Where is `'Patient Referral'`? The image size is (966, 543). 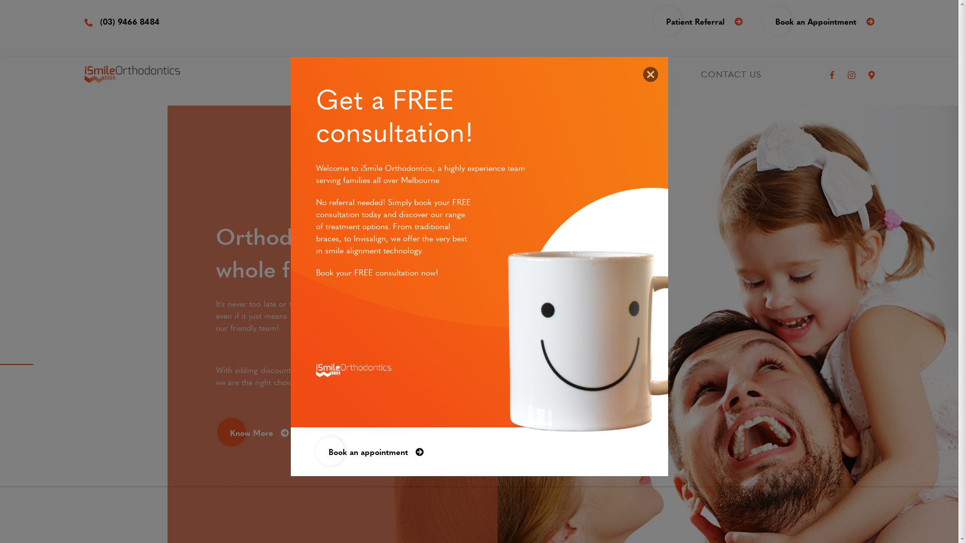 'Patient Referral' is located at coordinates (704, 21).